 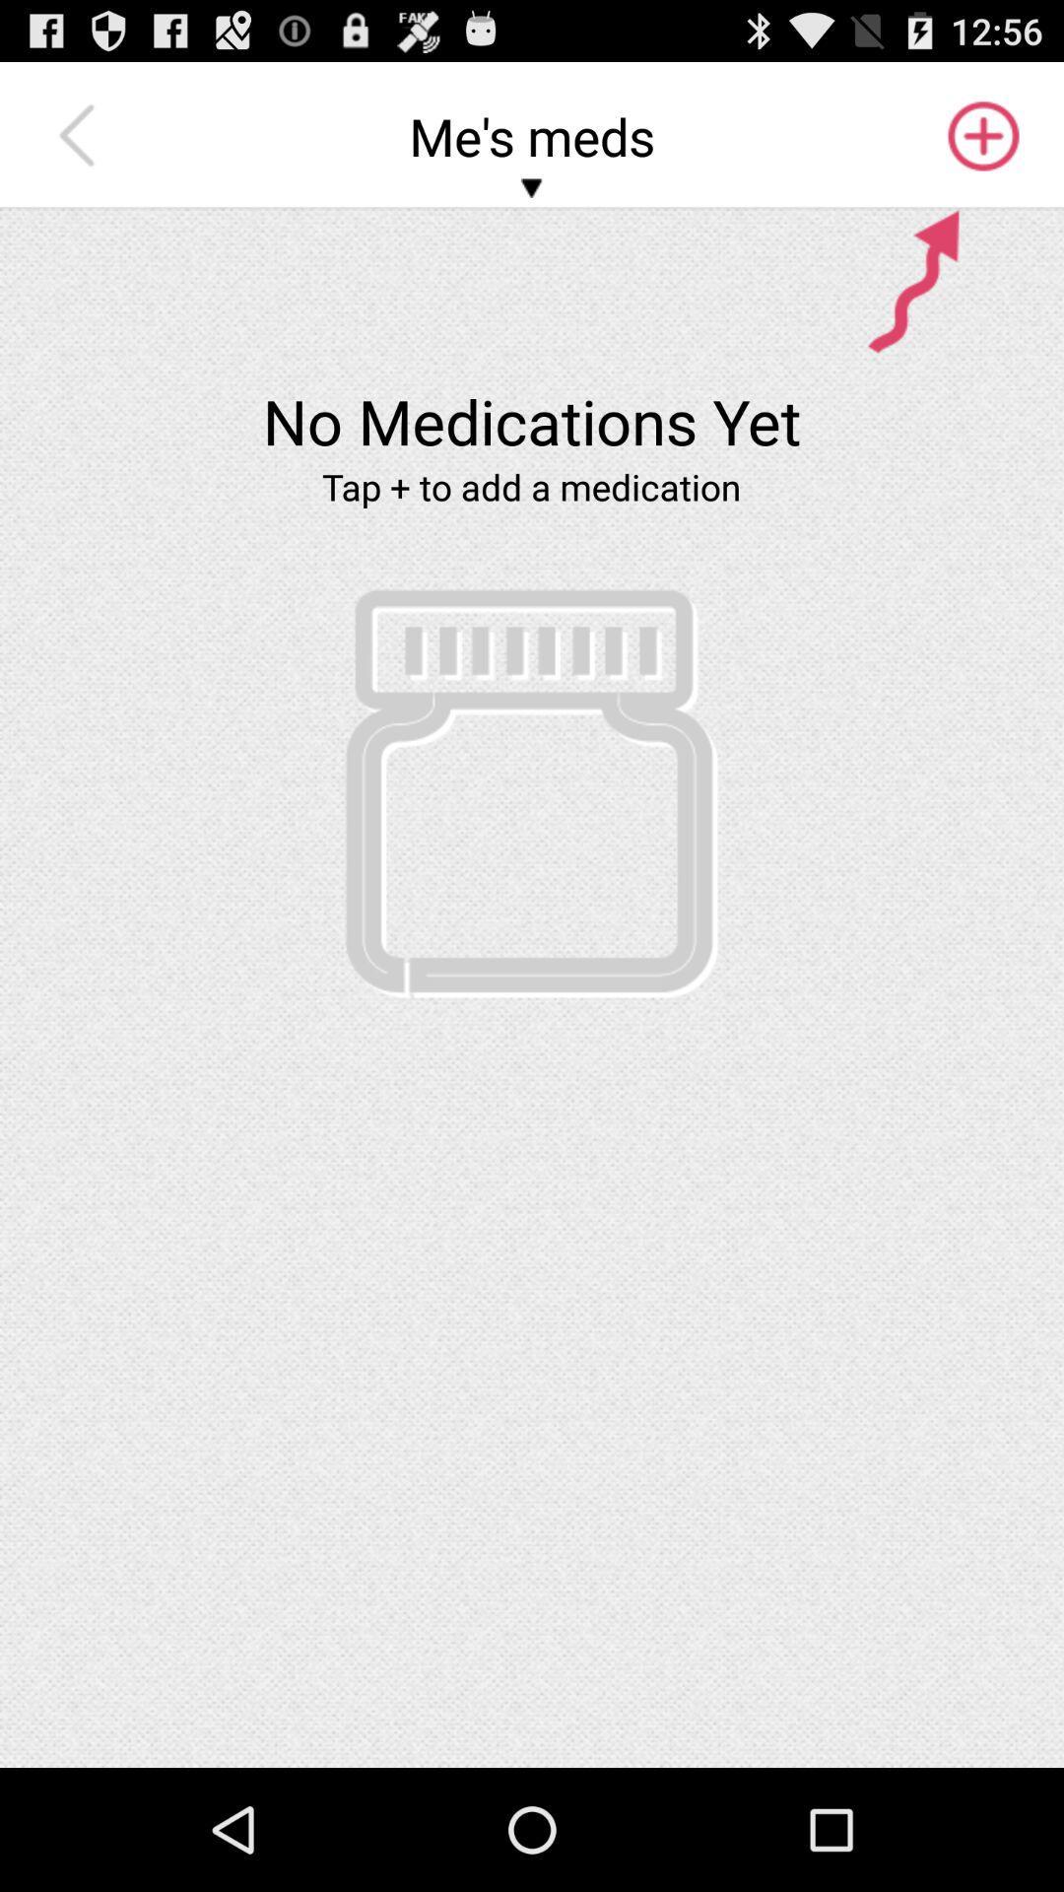 What do you see at coordinates (81, 145) in the screenshot?
I see `the arrow_backward icon` at bounding box center [81, 145].